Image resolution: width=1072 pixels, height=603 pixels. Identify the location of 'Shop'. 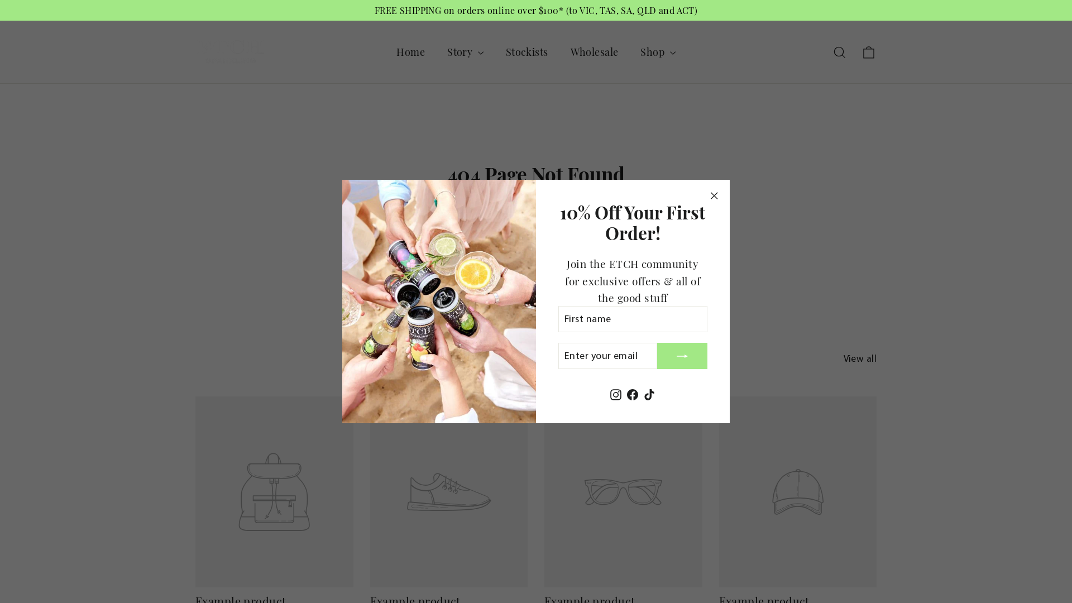
(657, 52).